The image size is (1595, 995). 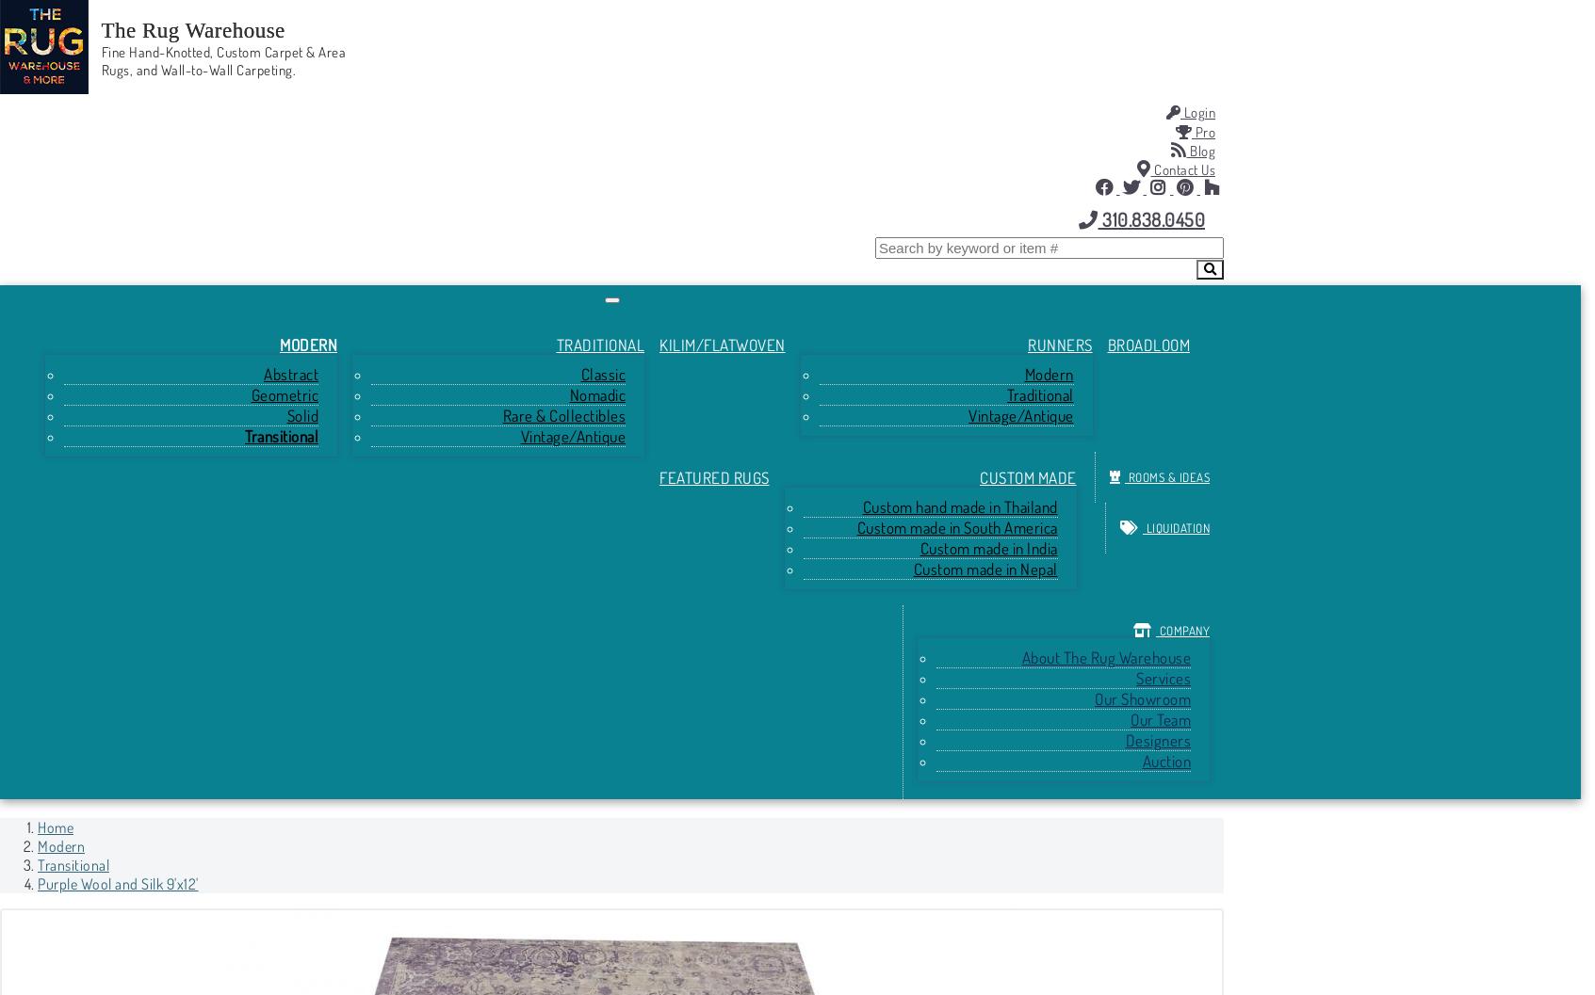 What do you see at coordinates (1163, 677) in the screenshot?
I see `'Services'` at bounding box center [1163, 677].